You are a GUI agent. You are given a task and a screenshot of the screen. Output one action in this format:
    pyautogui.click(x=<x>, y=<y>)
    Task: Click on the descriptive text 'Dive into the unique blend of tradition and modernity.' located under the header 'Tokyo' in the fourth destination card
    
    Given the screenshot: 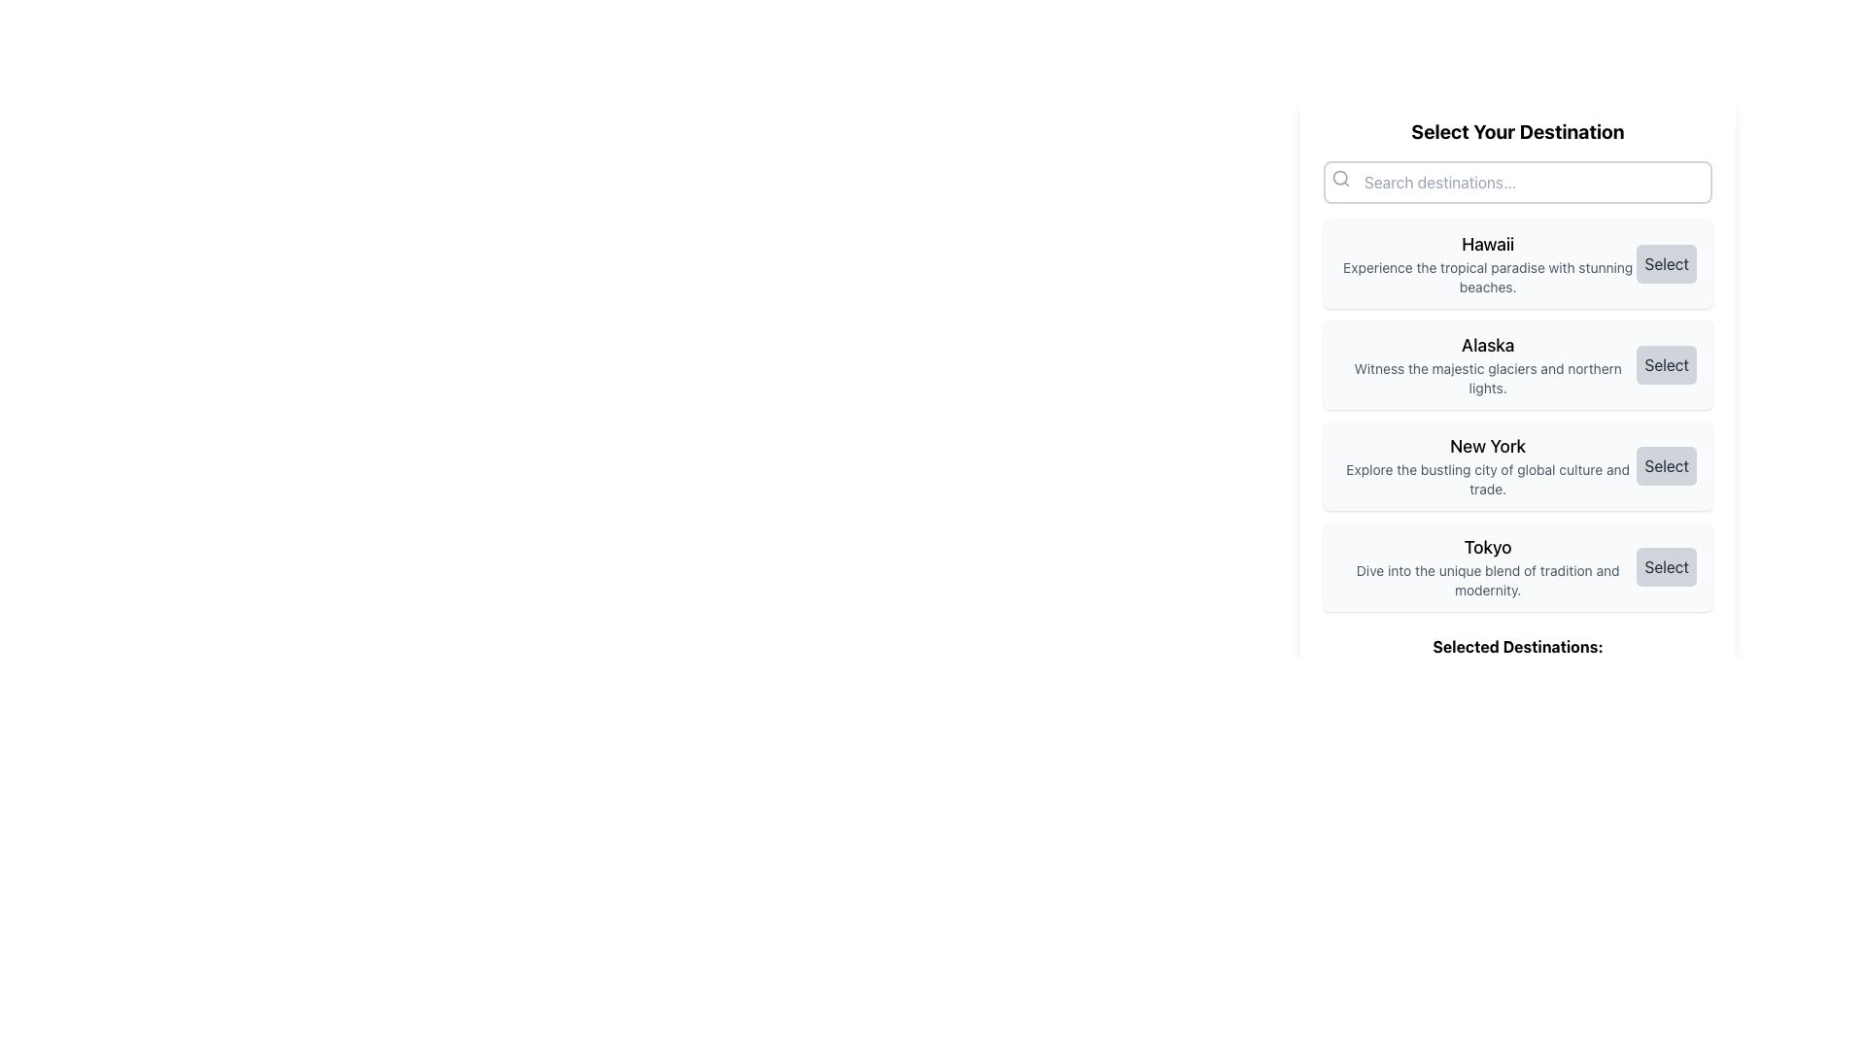 What is the action you would take?
    pyautogui.click(x=1487, y=566)
    